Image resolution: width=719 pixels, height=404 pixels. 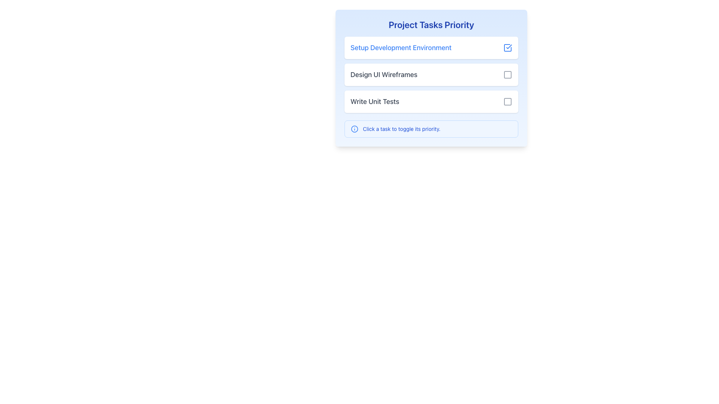 What do you see at coordinates (508, 102) in the screenshot?
I see `the checkbox located to the far right of the 'Write Unit Tests' task entry` at bounding box center [508, 102].